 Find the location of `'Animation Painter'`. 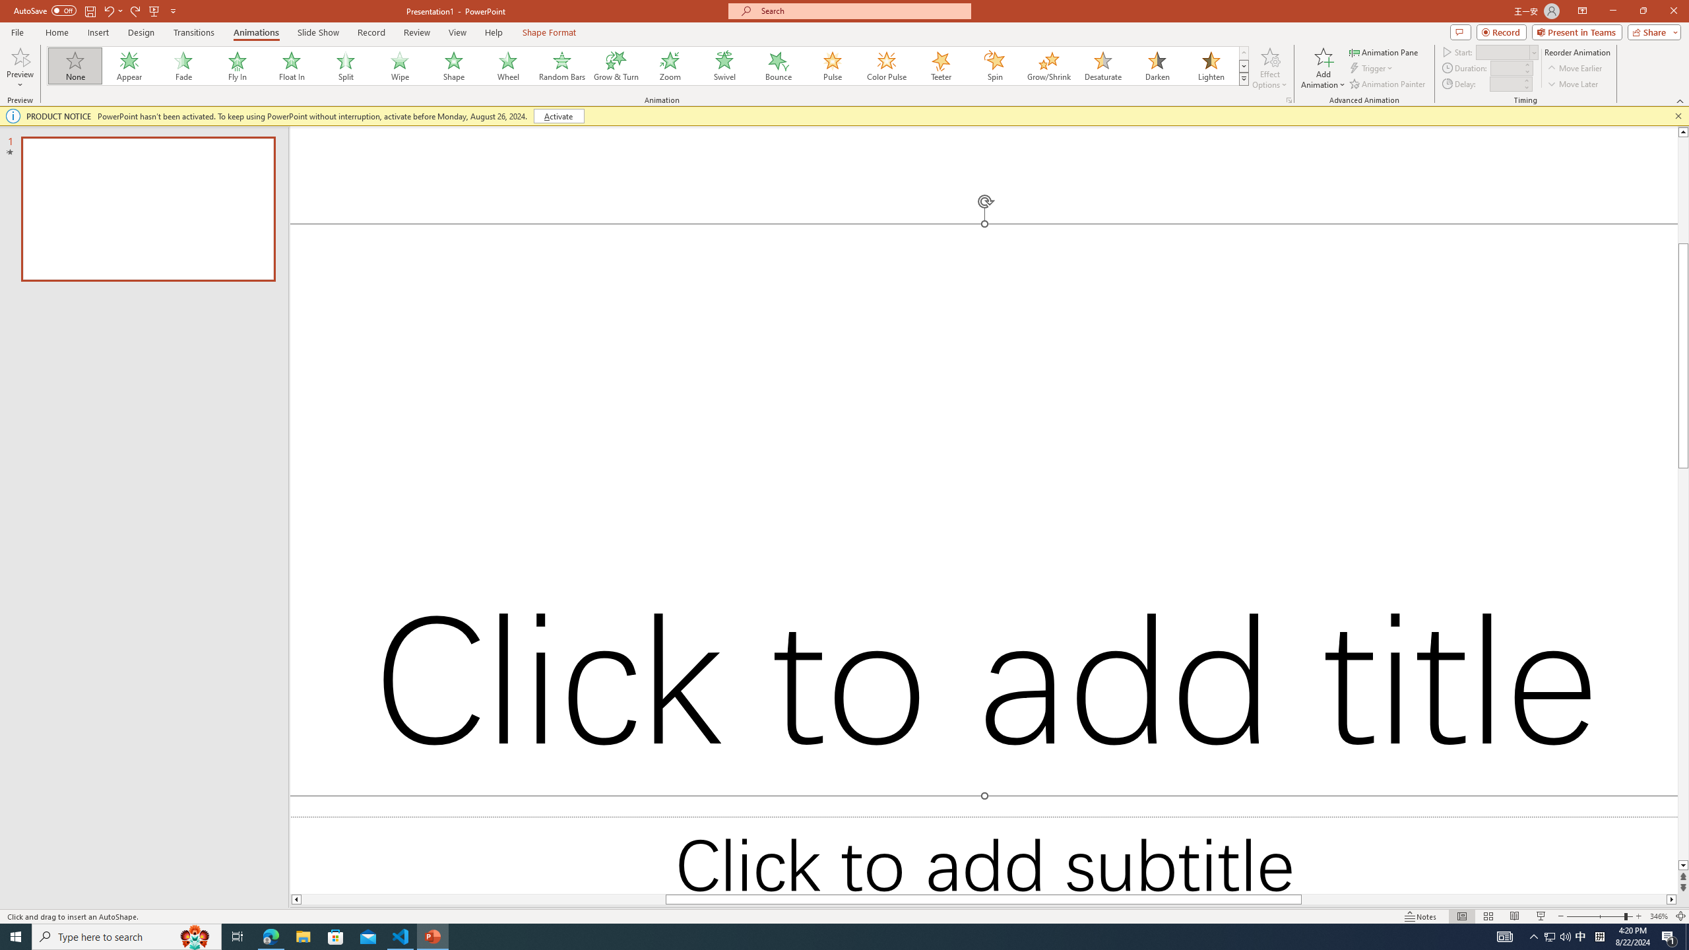

'Animation Painter' is located at coordinates (1387, 84).